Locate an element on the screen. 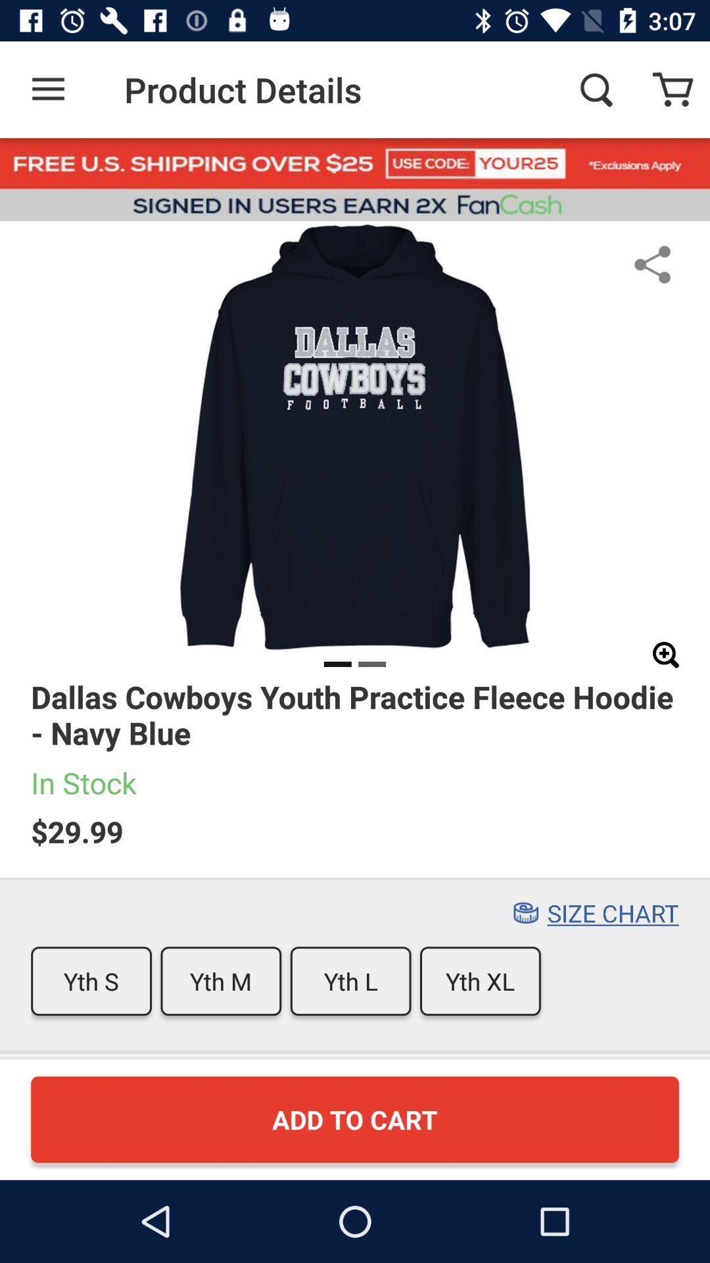 Image resolution: width=710 pixels, height=1263 pixels. item next to the yth m icon is located at coordinates (91, 981).